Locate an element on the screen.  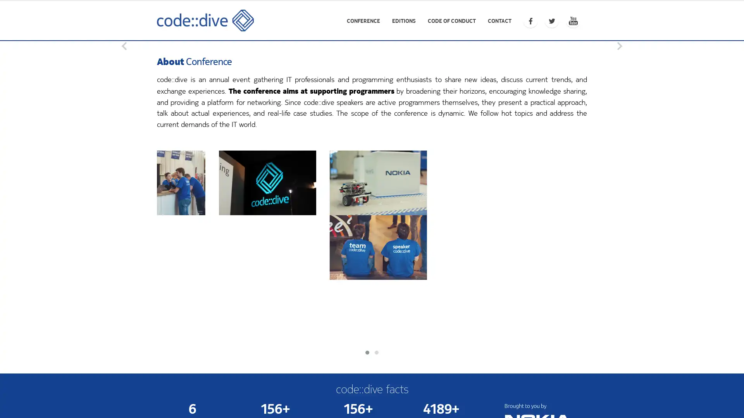
1 is located at coordinates (372, 211).